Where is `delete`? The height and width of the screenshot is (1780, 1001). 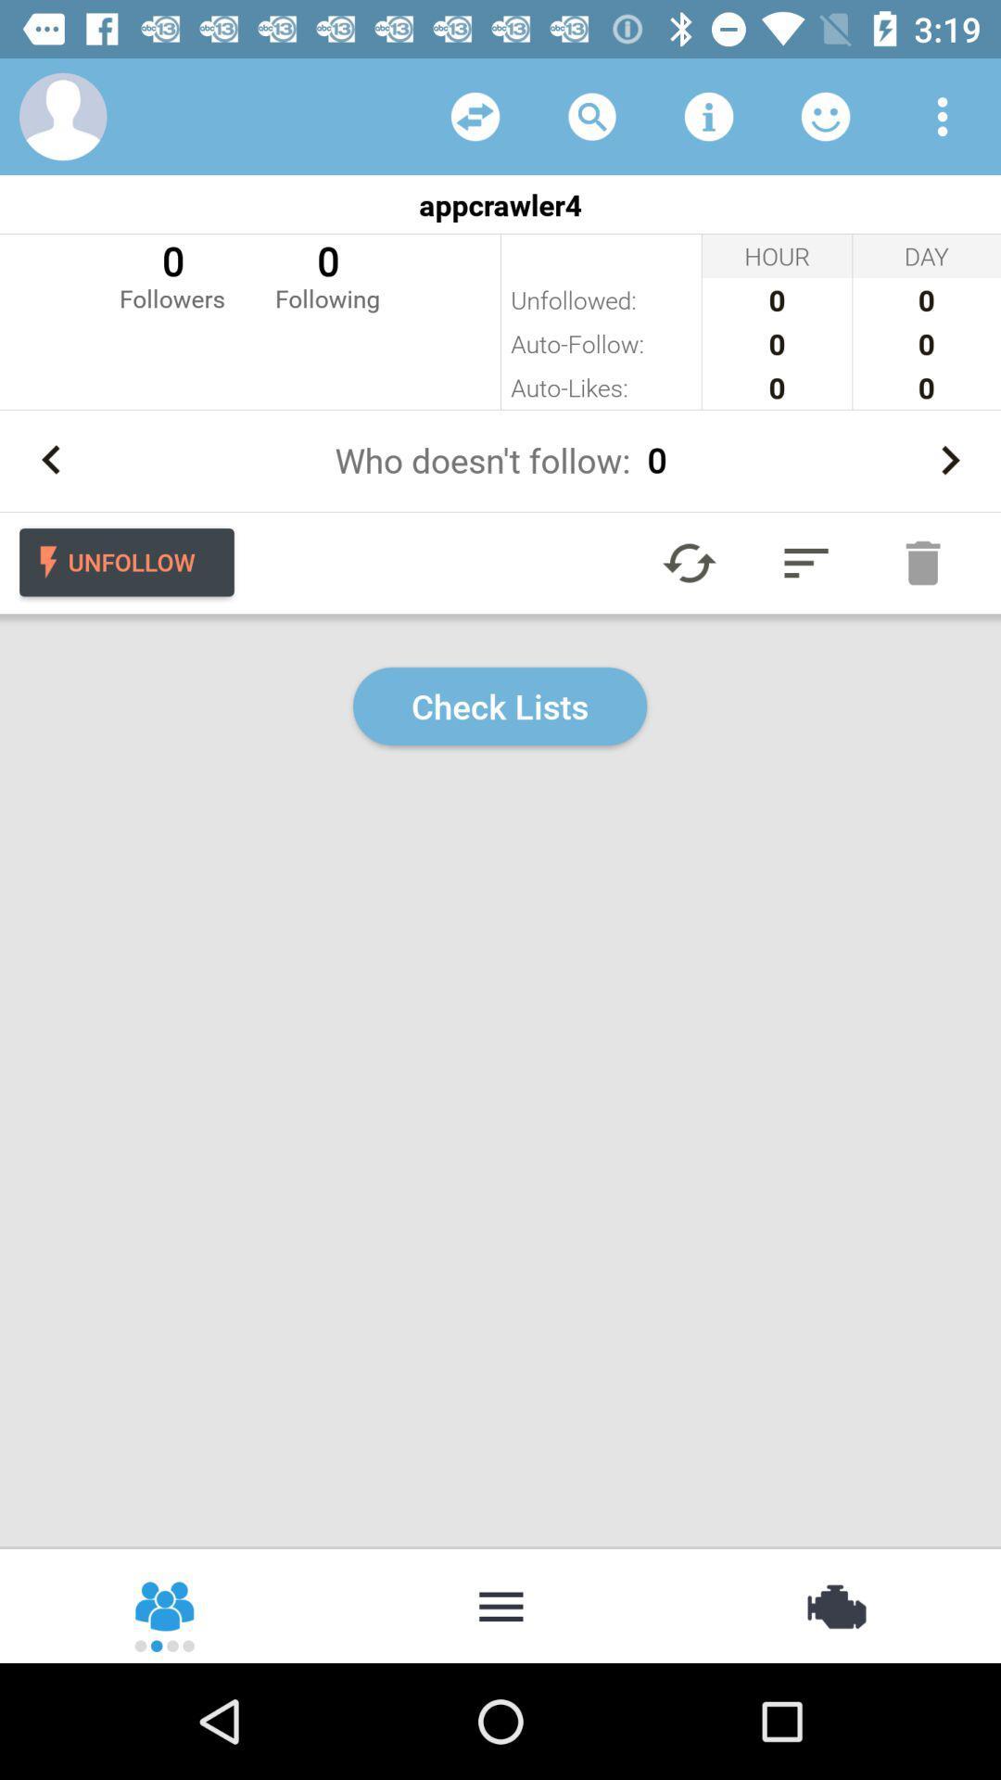
delete is located at coordinates (922, 562).